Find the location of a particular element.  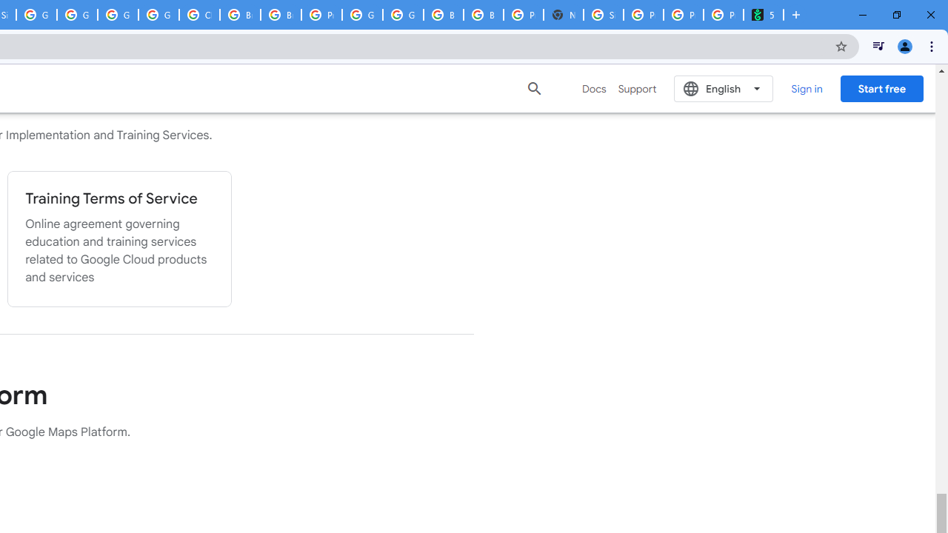

'New Tab' is located at coordinates (562, 15).